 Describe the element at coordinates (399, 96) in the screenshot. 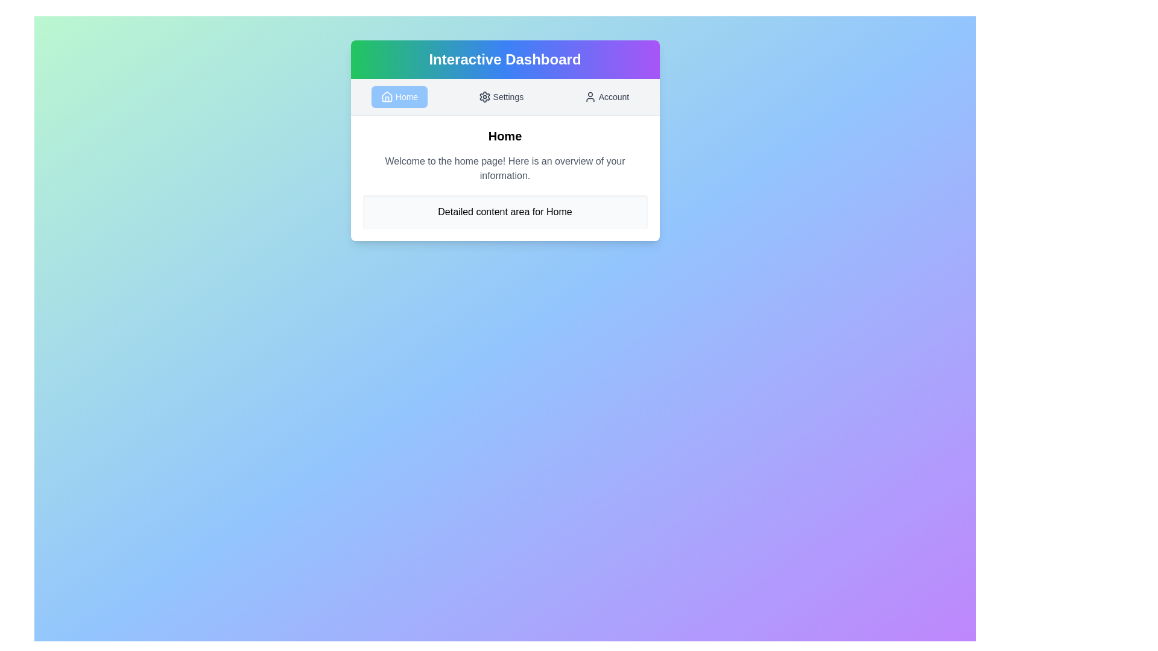

I see `the Home tab by clicking on its button` at that location.